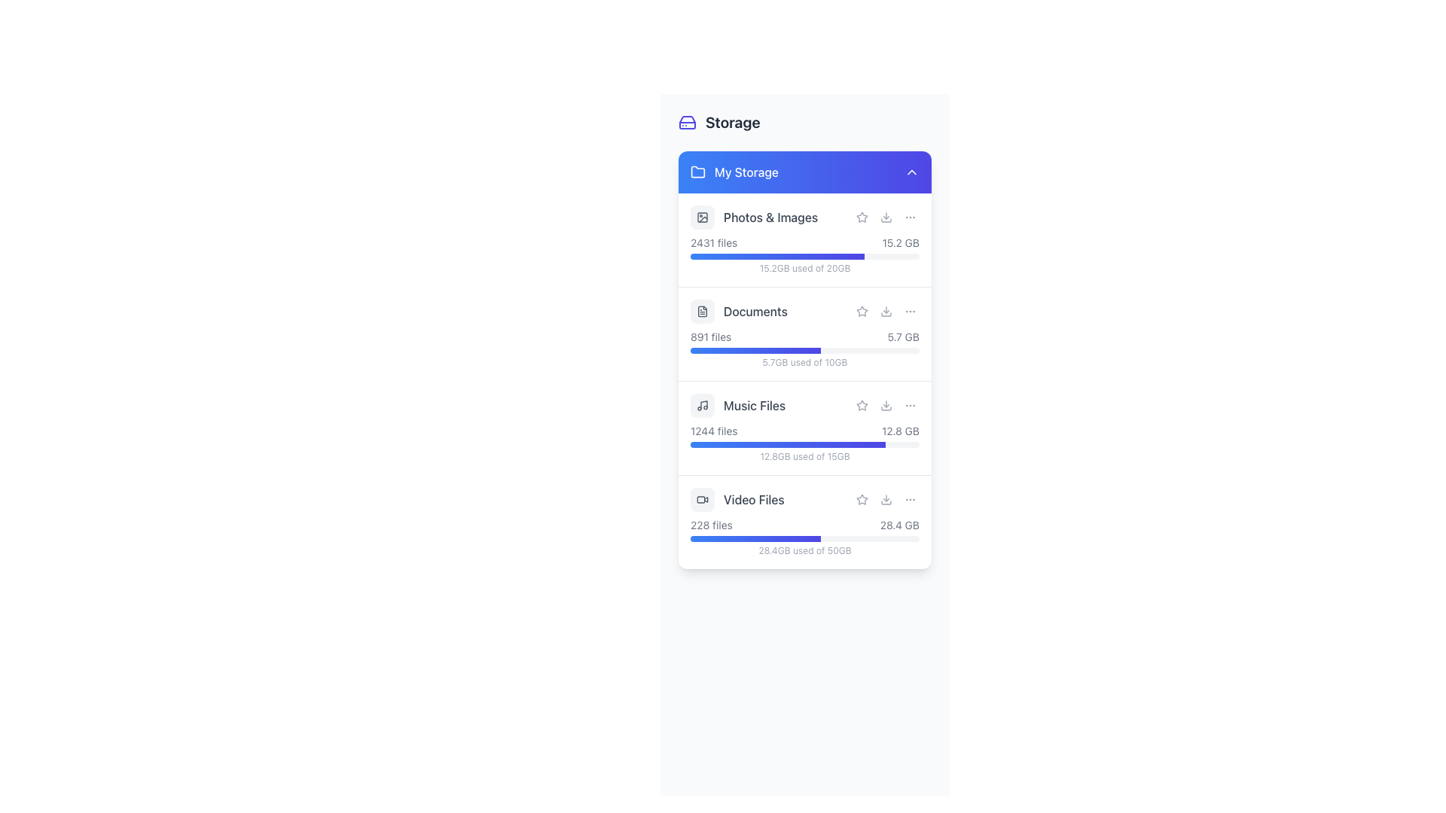 This screenshot has height=813, width=1446. What do you see at coordinates (861, 309) in the screenshot?
I see `the star-shaped icon with text-gray-400 color style located in the 'Documents' section of the 'My Storage' folder to star or unstar the item` at bounding box center [861, 309].